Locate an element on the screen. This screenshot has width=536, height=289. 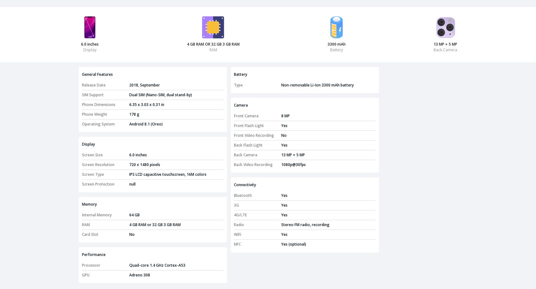
'Non-removable Li-Ion 3300 mAh battery' is located at coordinates (317, 85).